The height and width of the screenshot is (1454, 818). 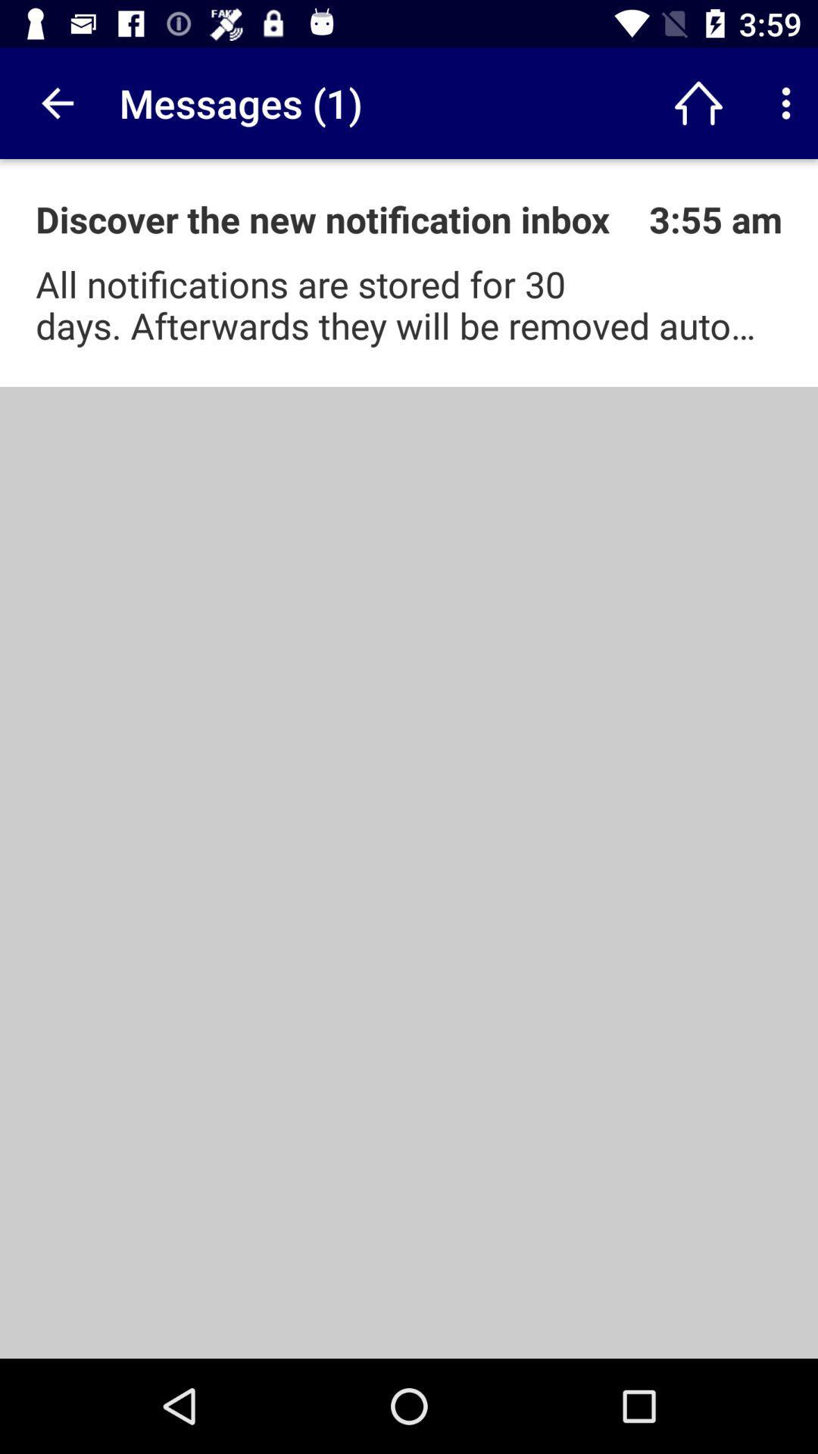 What do you see at coordinates (55, 102) in the screenshot?
I see `app next to the messages (1) icon` at bounding box center [55, 102].